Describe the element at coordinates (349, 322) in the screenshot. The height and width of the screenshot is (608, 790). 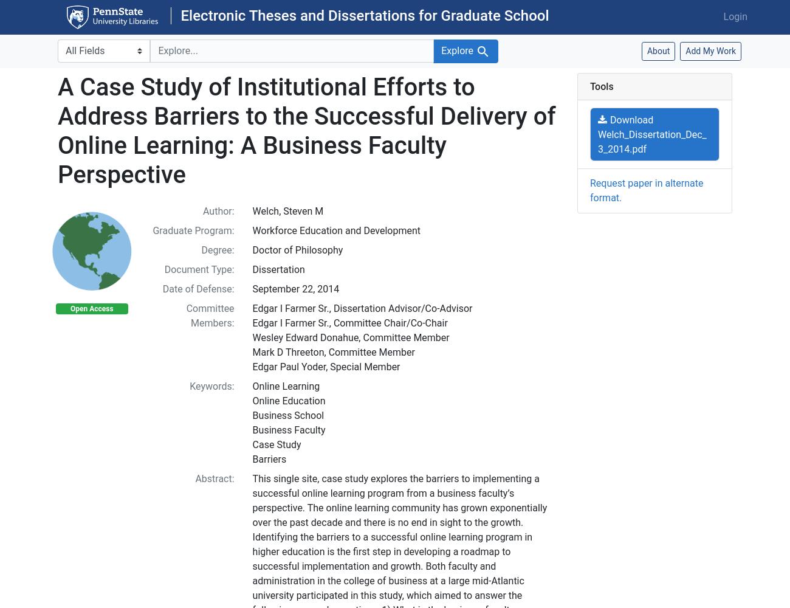
I see `'Edgar I Farmer Sr., Committee Chair/Co-Chair'` at that location.